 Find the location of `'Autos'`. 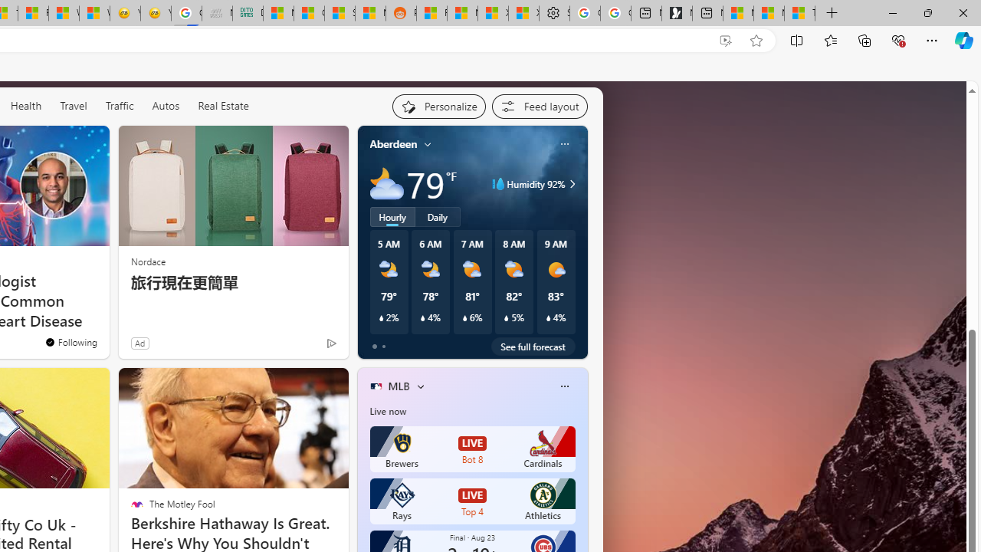

'Autos' is located at coordinates (166, 104).